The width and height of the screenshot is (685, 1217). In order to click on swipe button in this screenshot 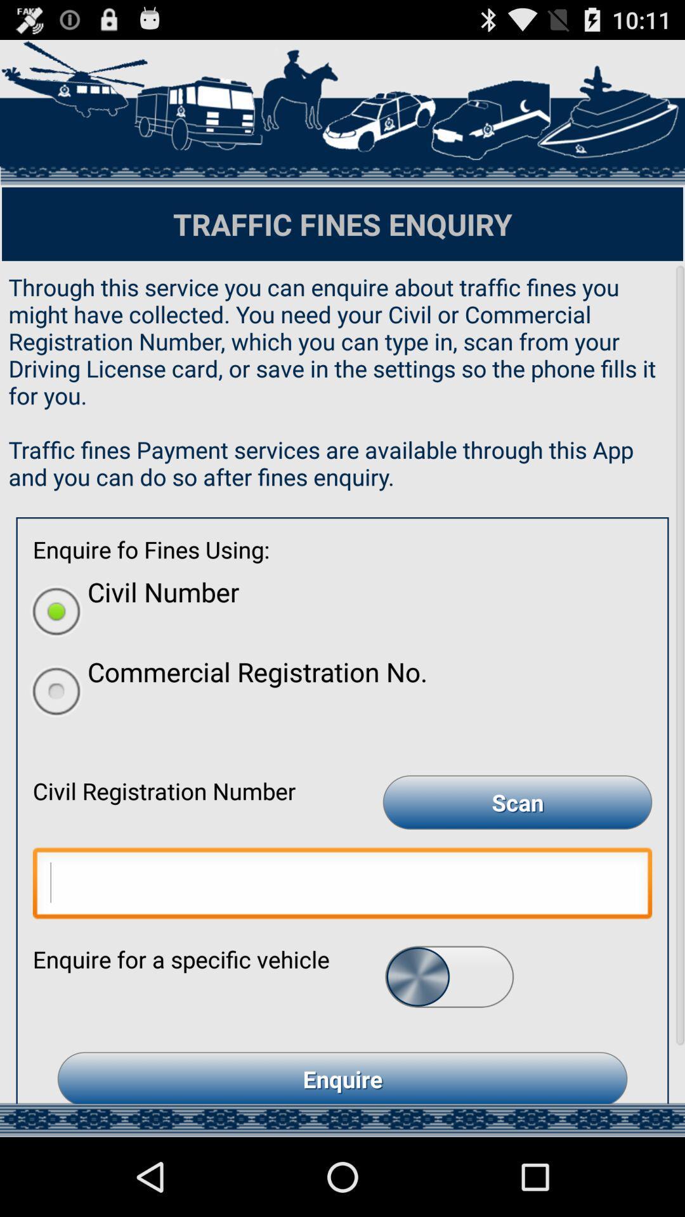, I will do `click(448, 976)`.